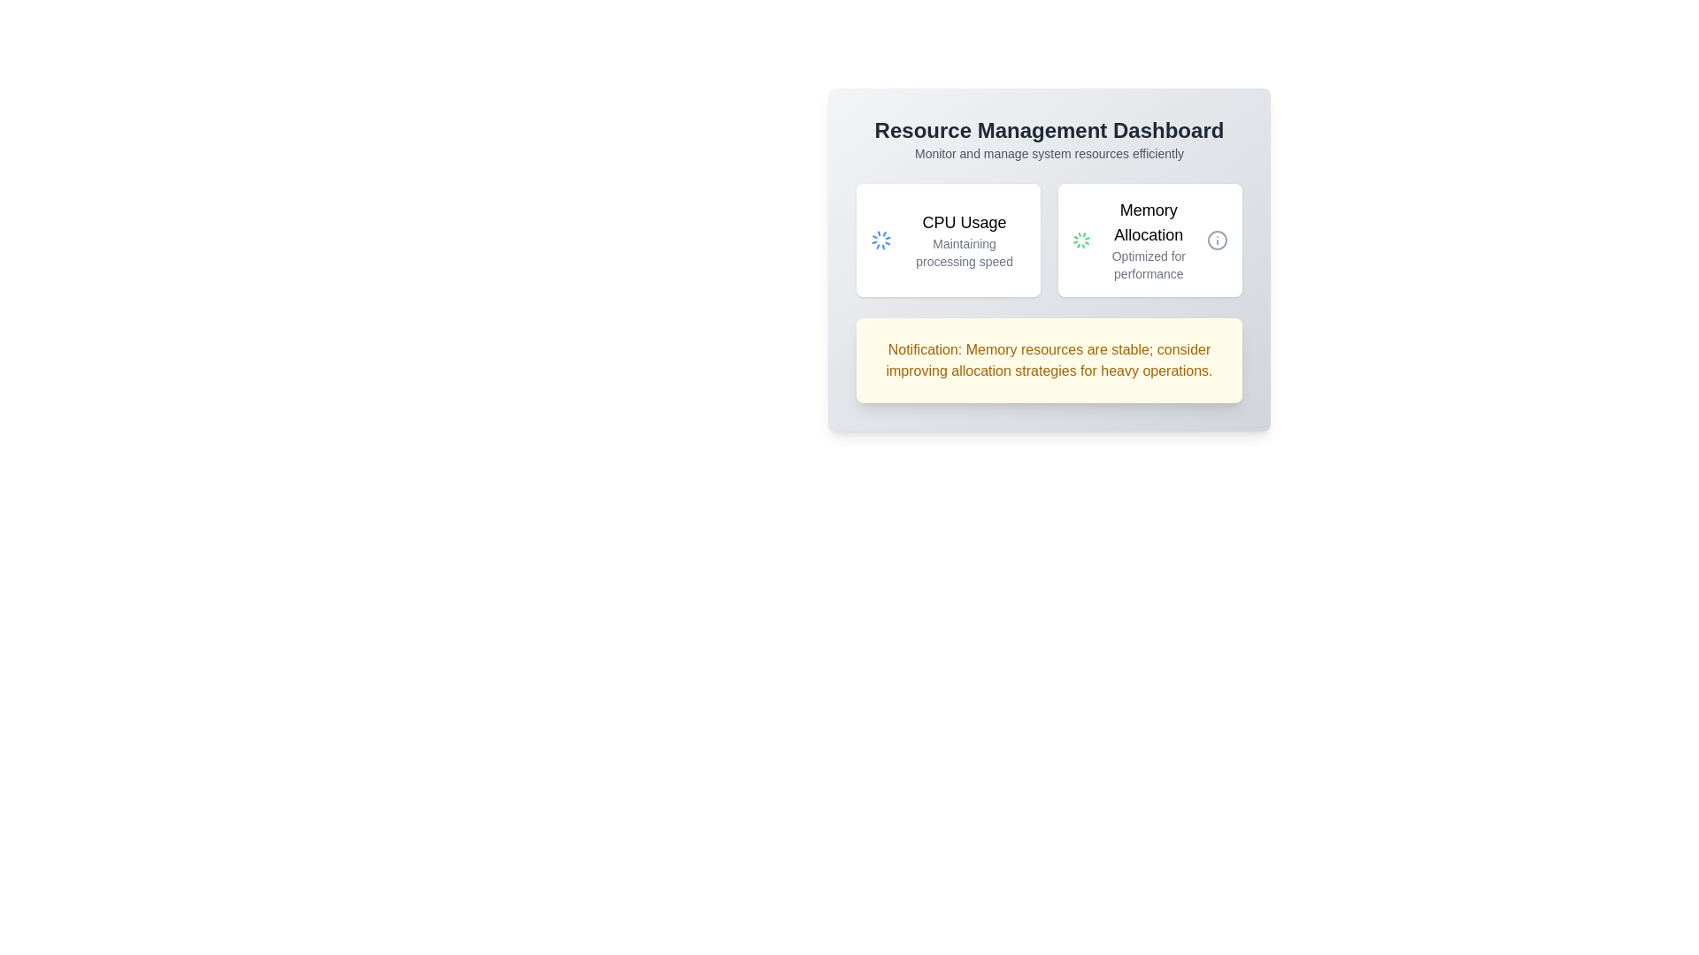 The width and height of the screenshot is (1699, 955). I want to click on the second text label providing context for the 'CPU Usage' heading, located within the white card in the top-left quadrant of the interface, so click(963, 252).